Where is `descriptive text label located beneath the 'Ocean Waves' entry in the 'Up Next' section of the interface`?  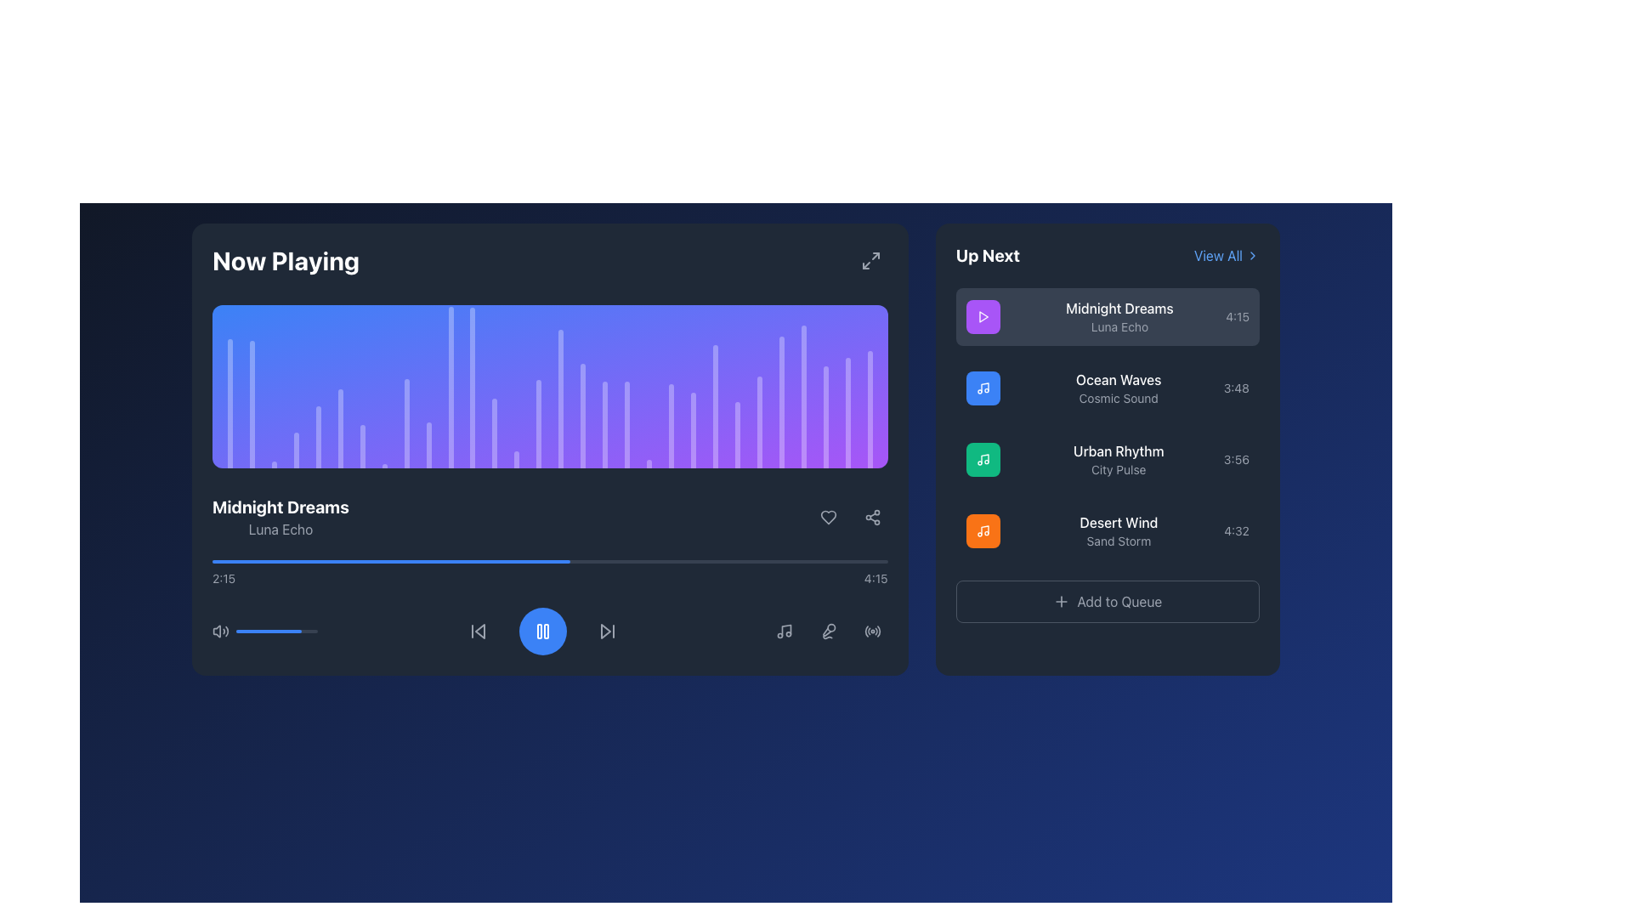
descriptive text label located beneath the 'Ocean Waves' entry in the 'Up Next' section of the interface is located at coordinates (1119, 399).